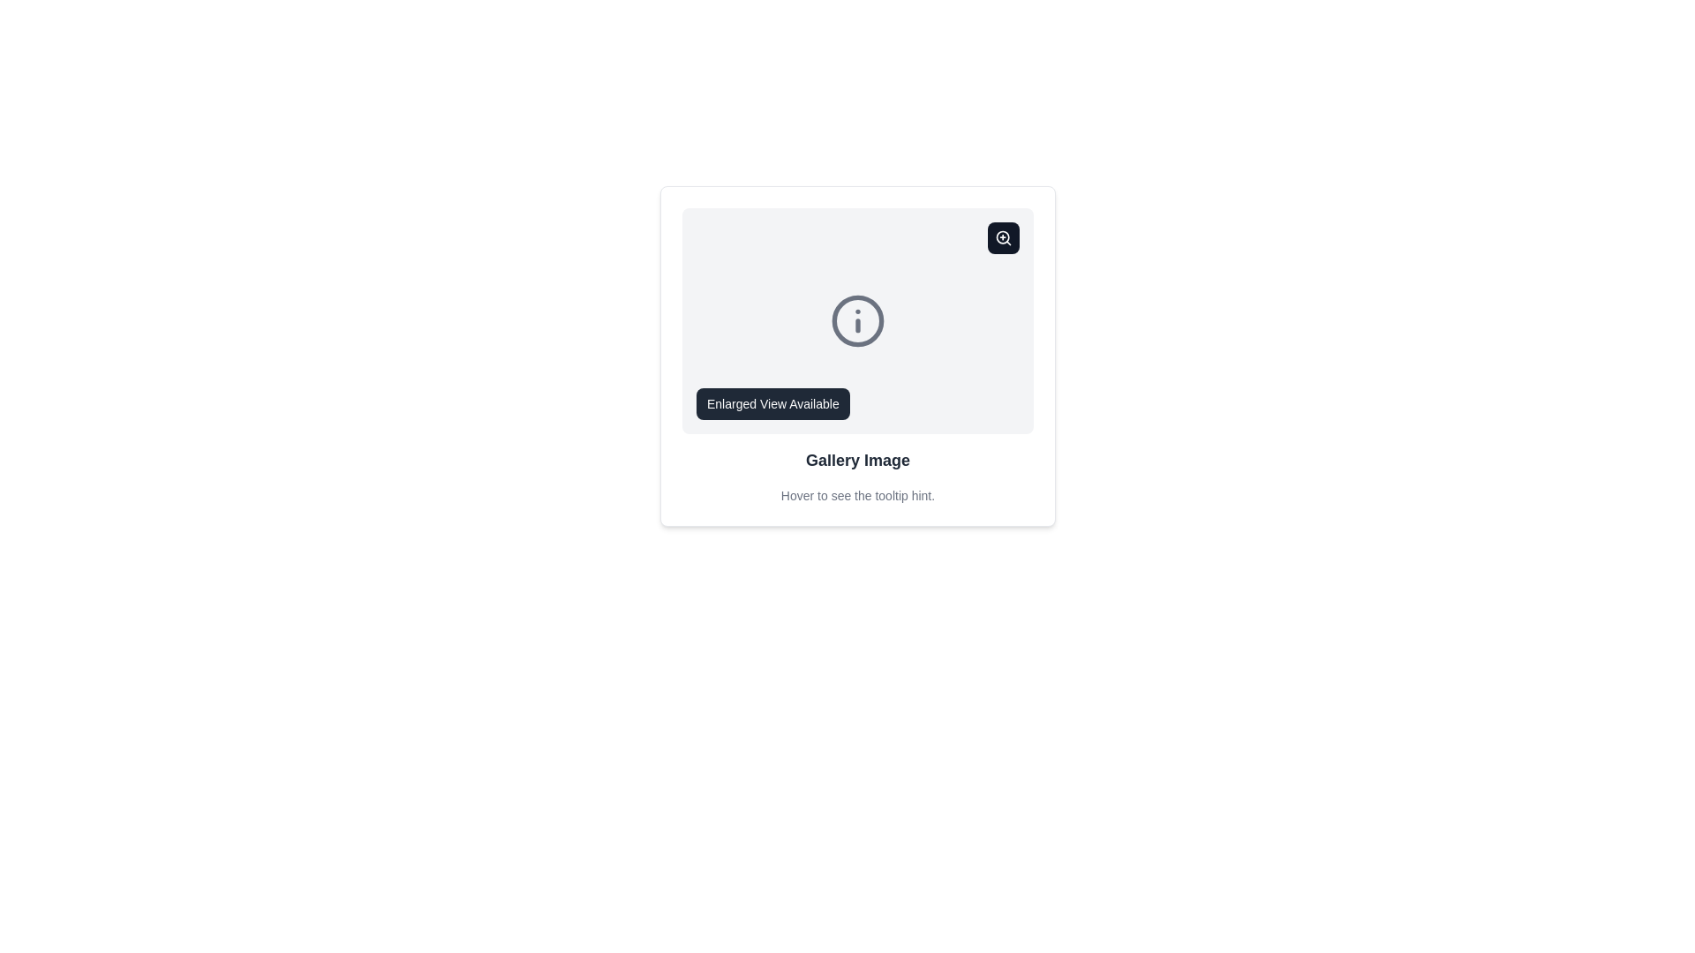 The image size is (1695, 953). What do you see at coordinates (857, 496) in the screenshot?
I see `the text label displaying 'Hover` at bounding box center [857, 496].